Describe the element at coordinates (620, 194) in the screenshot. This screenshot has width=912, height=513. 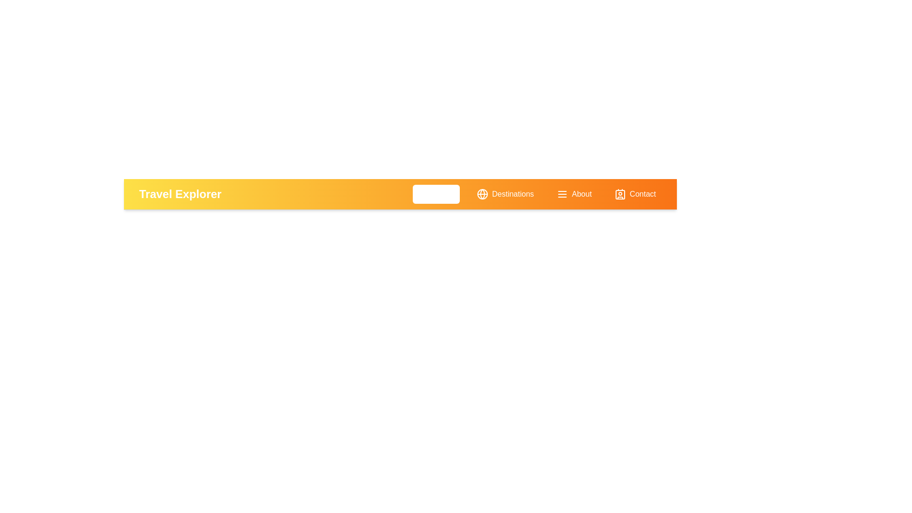
I see `the rectangular shape with rounded corners that is part of the 'Contact' icon located at the far right of the navigation bar` at that location.